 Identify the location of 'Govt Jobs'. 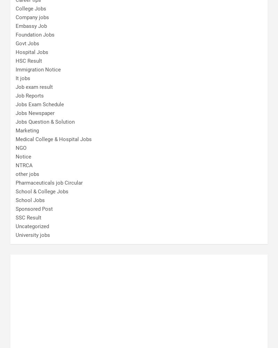
(27, 43).